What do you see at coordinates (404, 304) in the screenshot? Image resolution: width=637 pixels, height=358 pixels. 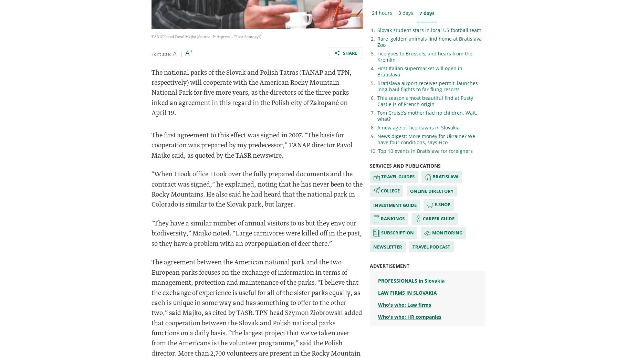 I see `'Who's who: Law firms'` at bounding box center [404, 304].